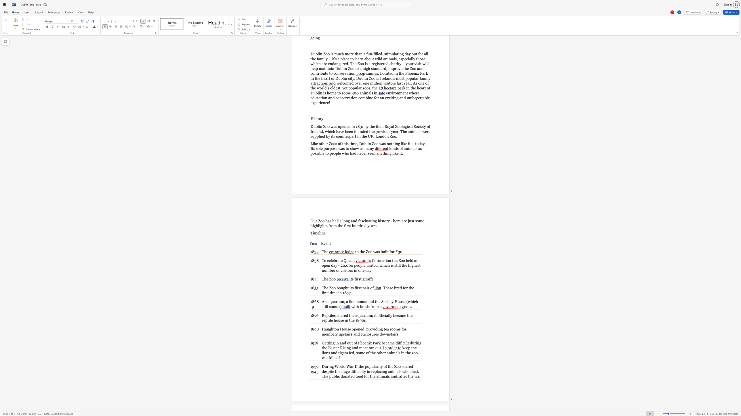 This screenshot has width=741, height=416. I want to click on the subset text "th funds fr" within the text "with funds from a", so click(355, 306).